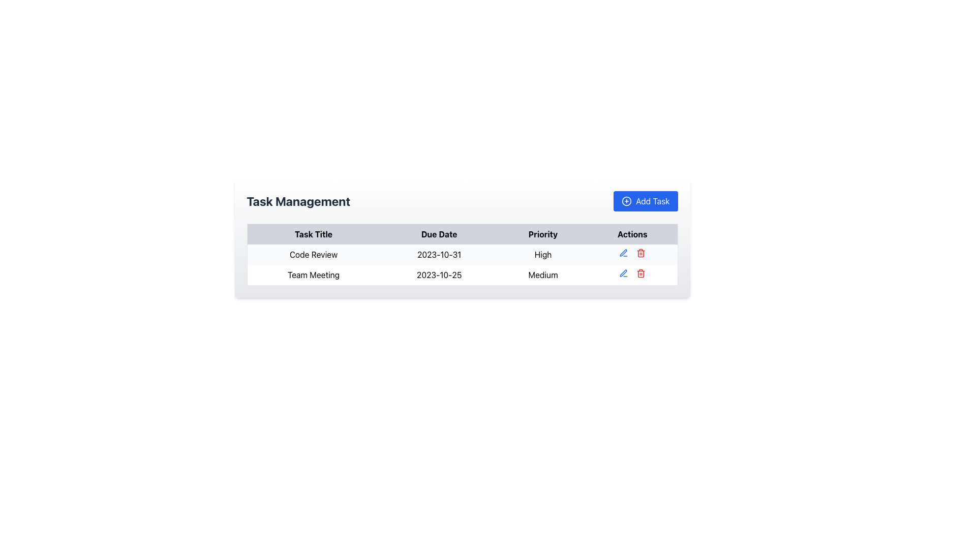 The width and height of the screenshot is (976, 549). What do you see at coordinates (313, 254) in the screenshot?
I see `the Text Label that serves as the title for the task 'Code Review', located in the first row of the table under the 'Task Title' column` at bounding box center [313, 254].